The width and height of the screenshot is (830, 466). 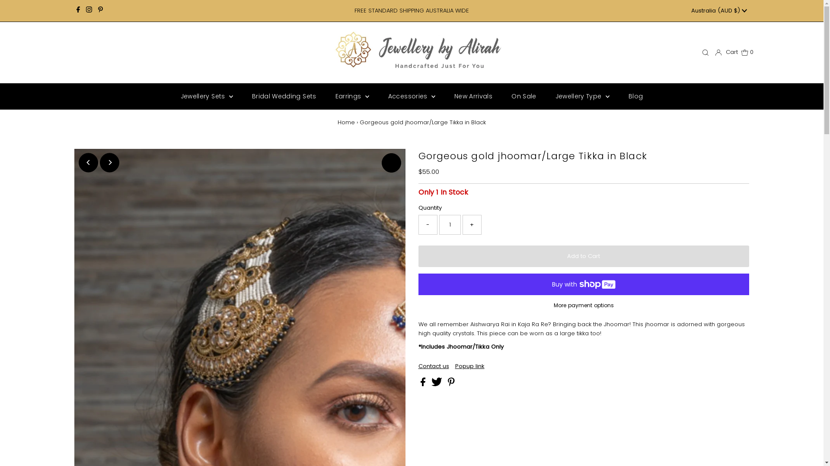 What do you see at coordinates (390, 163) in the screenshot?
I see `'Click to zoom'` at bounding box center [390, 163].